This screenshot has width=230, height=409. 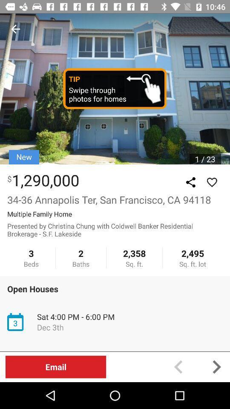 I want to click on preview button, so click(x=178, y=366).